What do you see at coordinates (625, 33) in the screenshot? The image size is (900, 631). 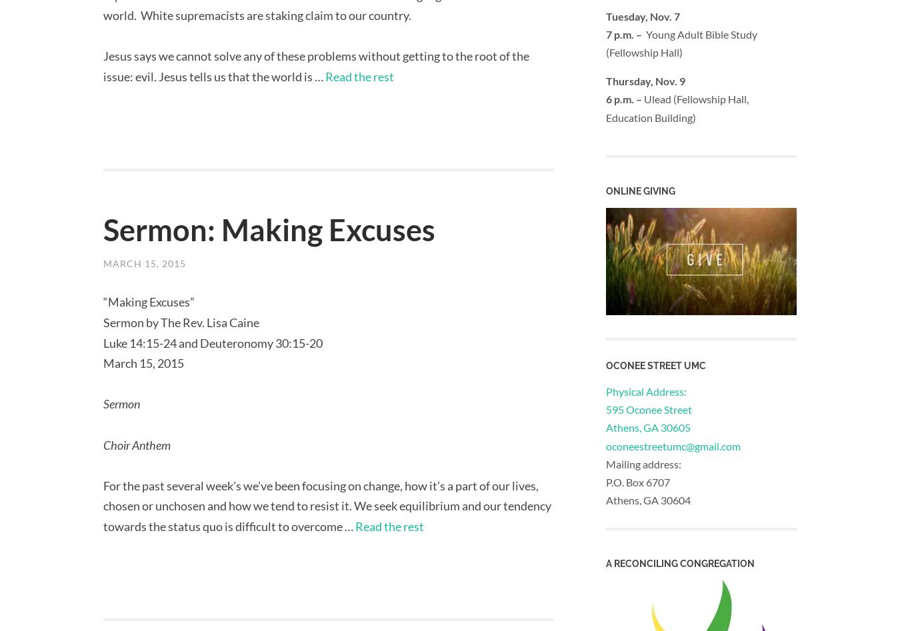 I see `'7 p.m. –'` at bounding box center [625, 33].